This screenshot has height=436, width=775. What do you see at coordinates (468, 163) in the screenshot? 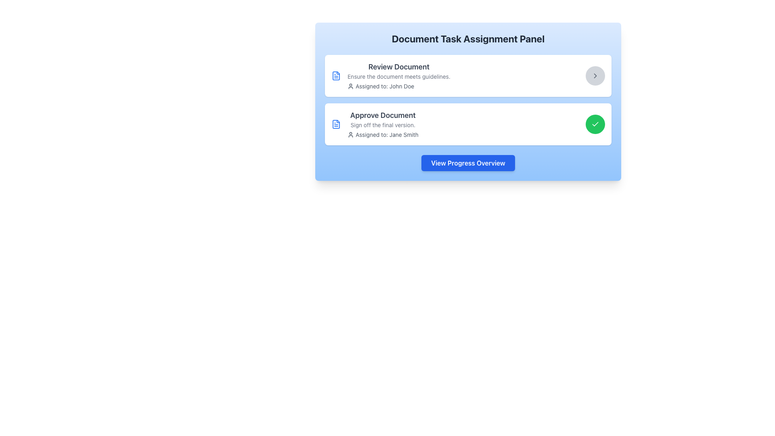
I see `the button located at the bottom center of the 'Document Task Assignment Panel'` at bounding box center [468, 163].